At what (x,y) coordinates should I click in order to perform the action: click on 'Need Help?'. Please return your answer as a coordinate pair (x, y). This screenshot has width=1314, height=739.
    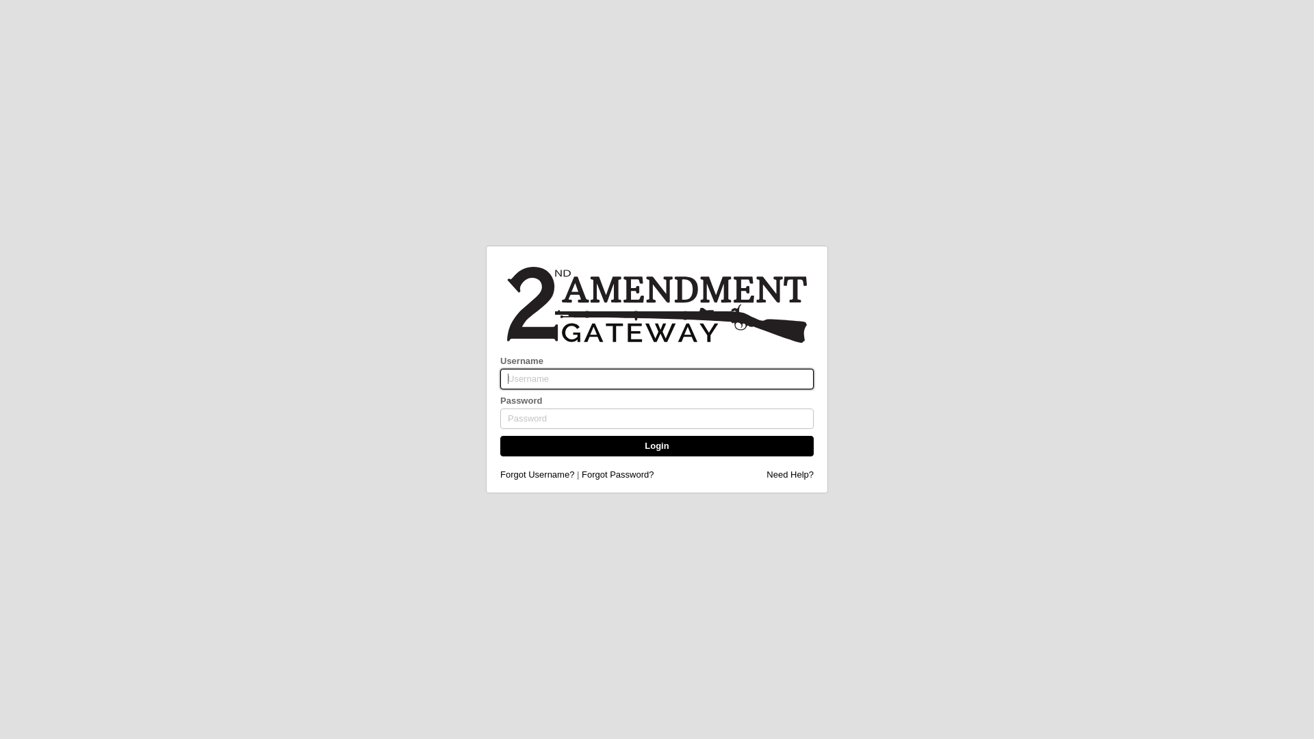
    Looking at the image, I should click on (790, 474).